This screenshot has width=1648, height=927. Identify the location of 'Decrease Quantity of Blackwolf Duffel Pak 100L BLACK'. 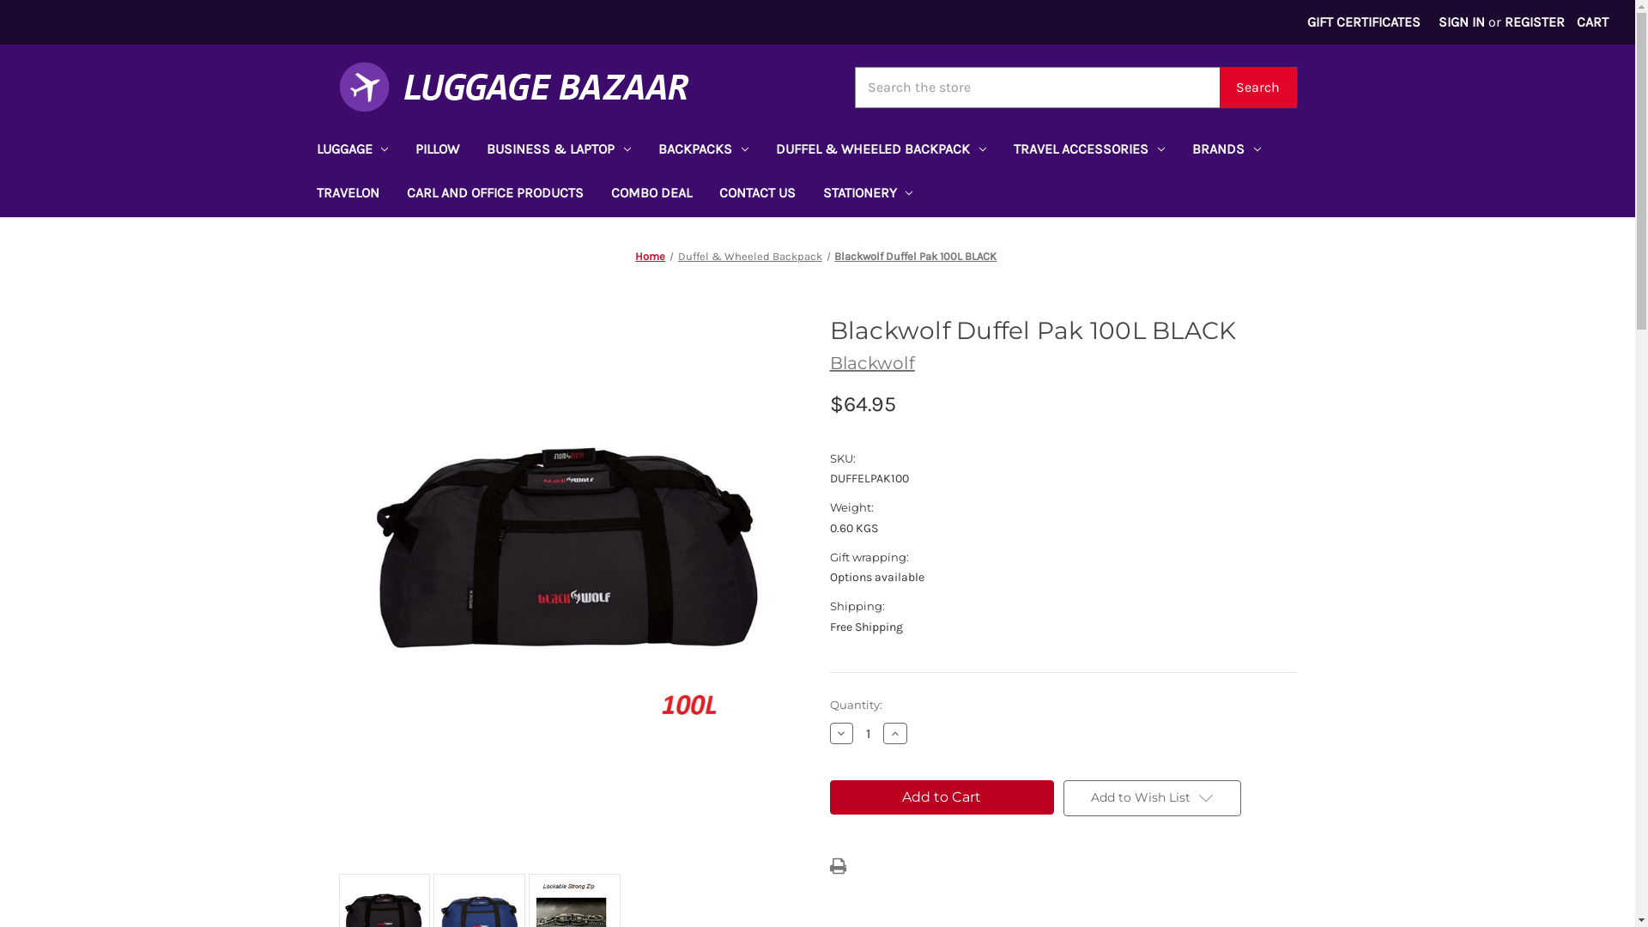
(840, 732).